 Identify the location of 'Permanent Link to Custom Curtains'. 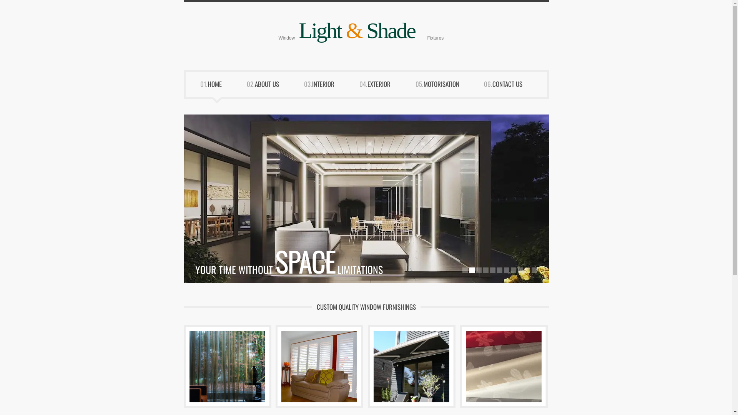
(185, 366).